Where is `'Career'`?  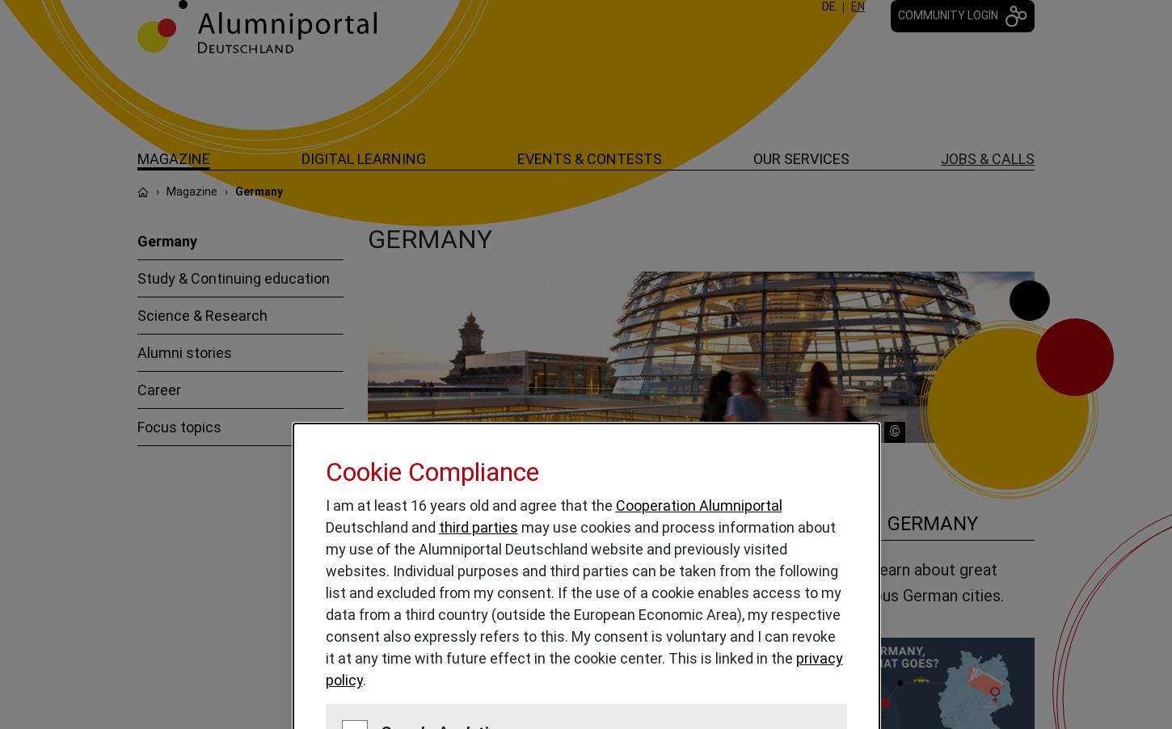
'Career' is located at coordinates (158, 388).